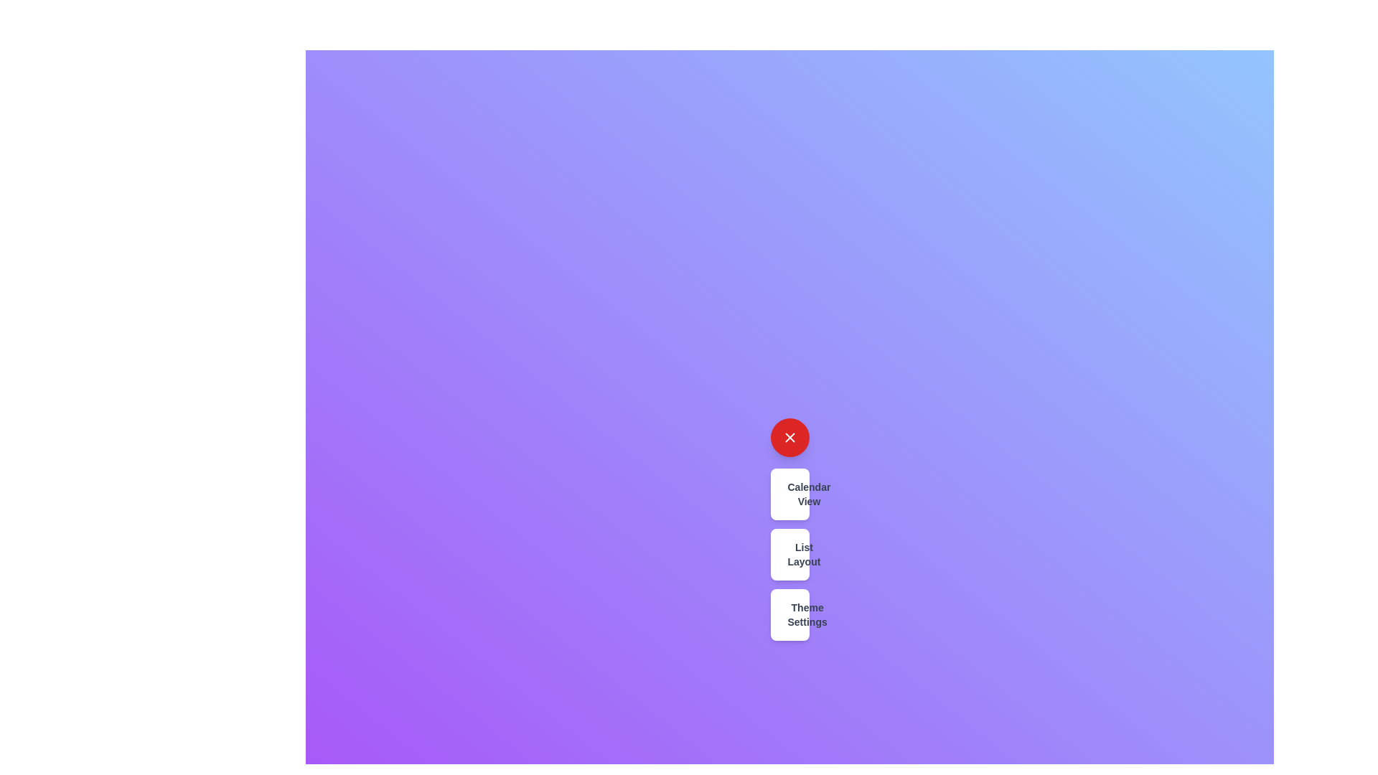  I want to click on the 'List Layout' button, so click(788, 553).